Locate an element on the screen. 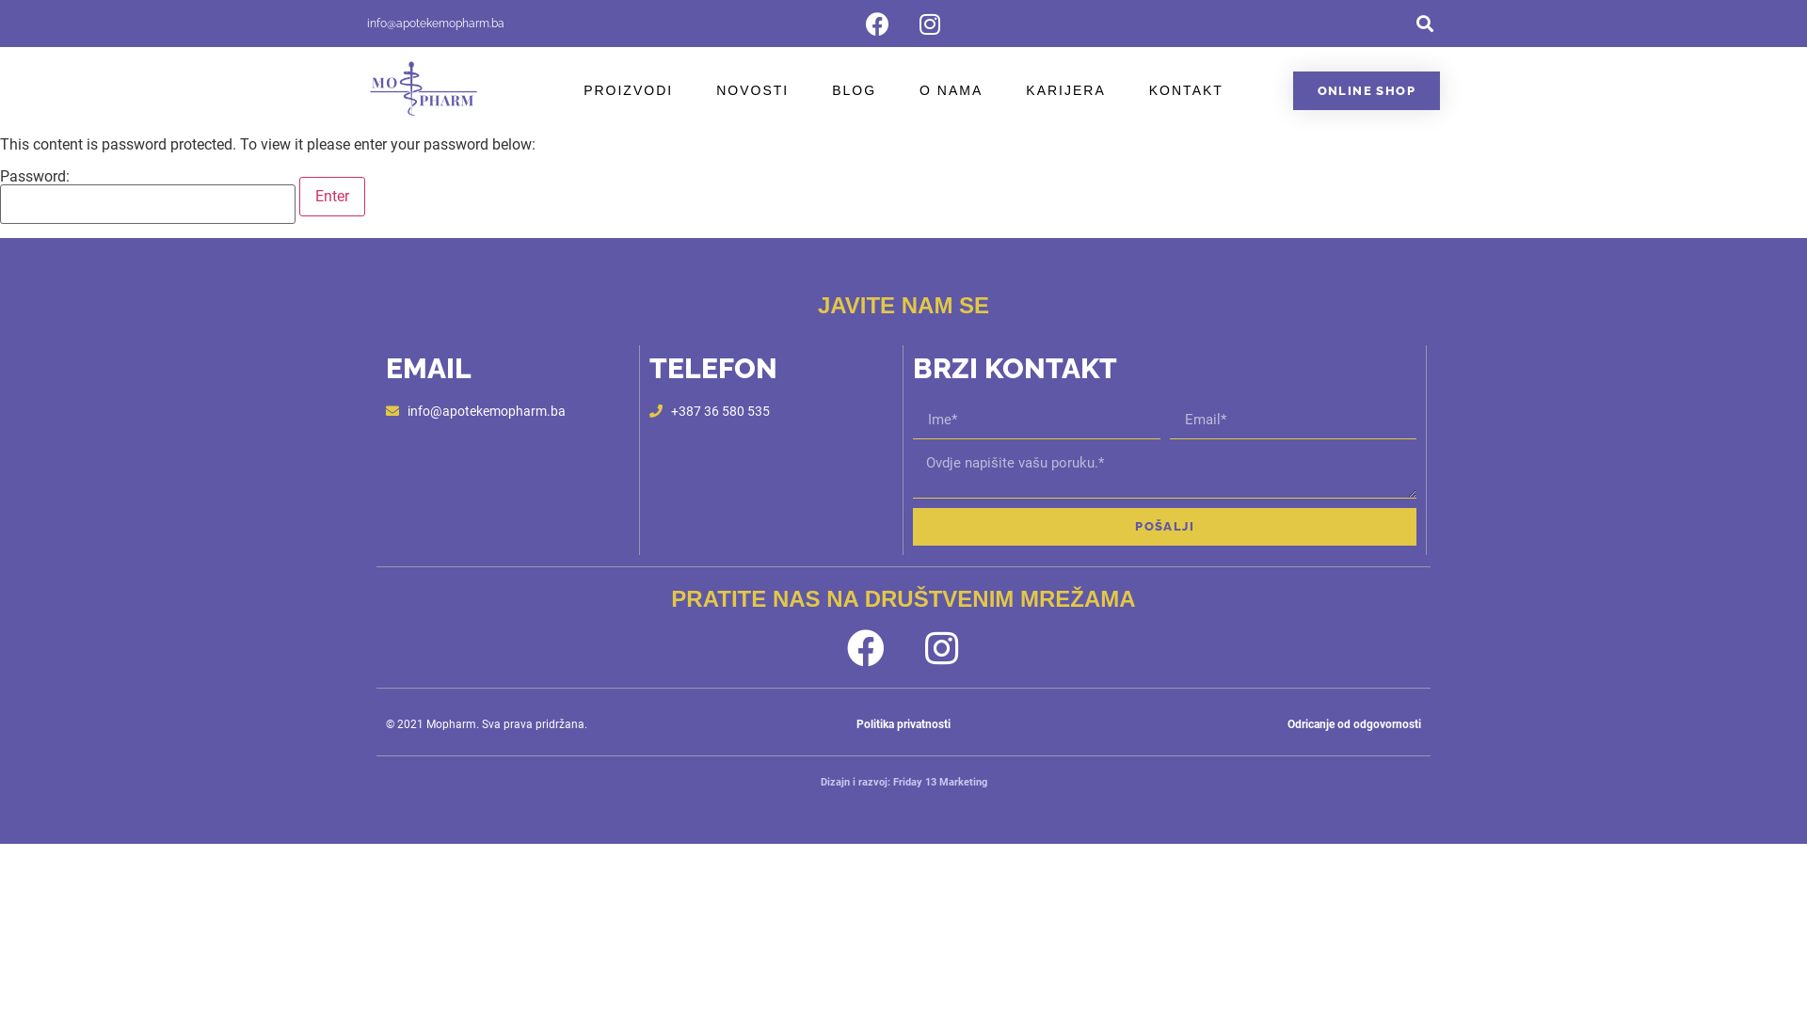 This screenshot has width=1807, height=1016. 'NOVOSTI' is located at coordinates (696, 90).